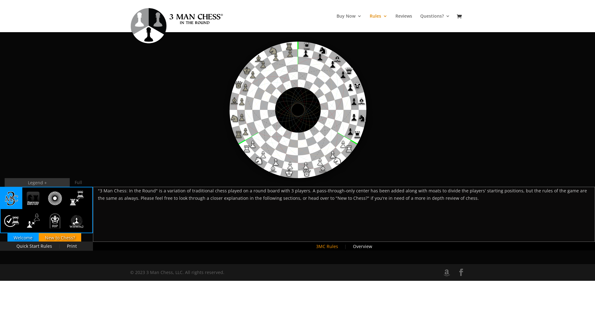  What do you see at coordinates (37, 182) in the screenshot?
I see `'Legend +'` at bounding box center [37, 182].